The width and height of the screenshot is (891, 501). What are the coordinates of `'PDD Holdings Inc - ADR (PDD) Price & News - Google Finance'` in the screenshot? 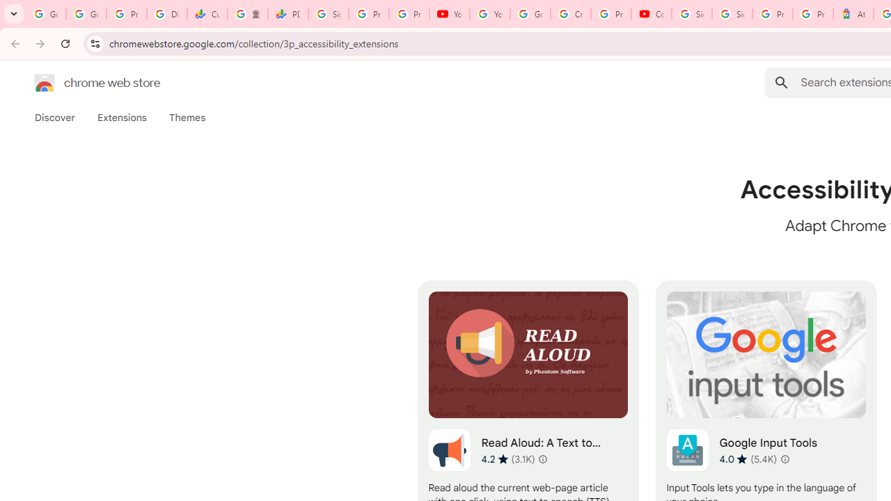 It's located at (287, 14).